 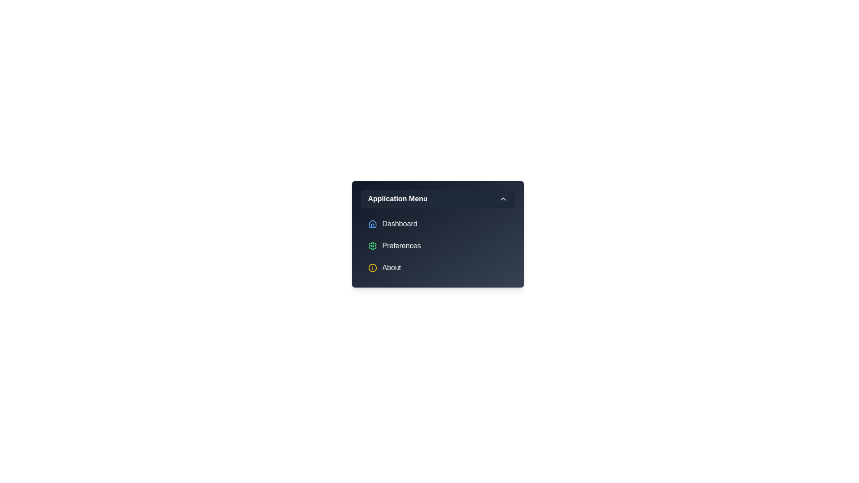 I want to click on the menu item Dashboard from the options available, so click(x=438, y=224).